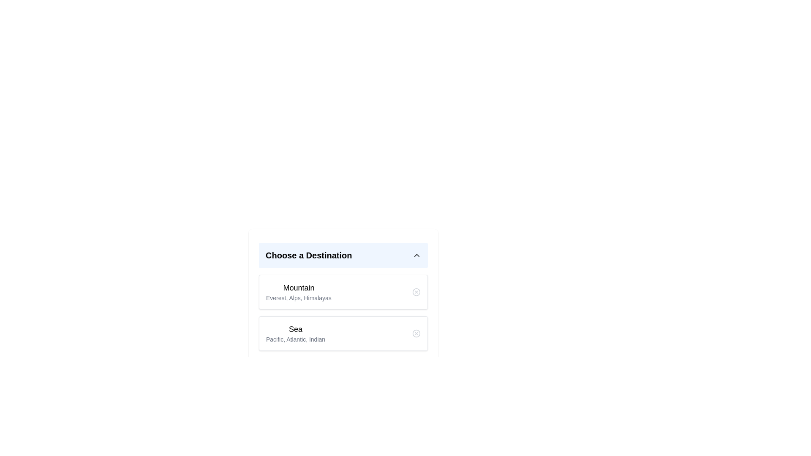 Image resolution: width=811 pixels, height=456 pixels. What do you see at coordinates (296, 328) in the screenshot?
I see `the text label displaying 'Sea', which is the title of the second item in the 'Choose a Destination' card list, positioned below the 'Mountain' card` at bounding box center [296, 328].